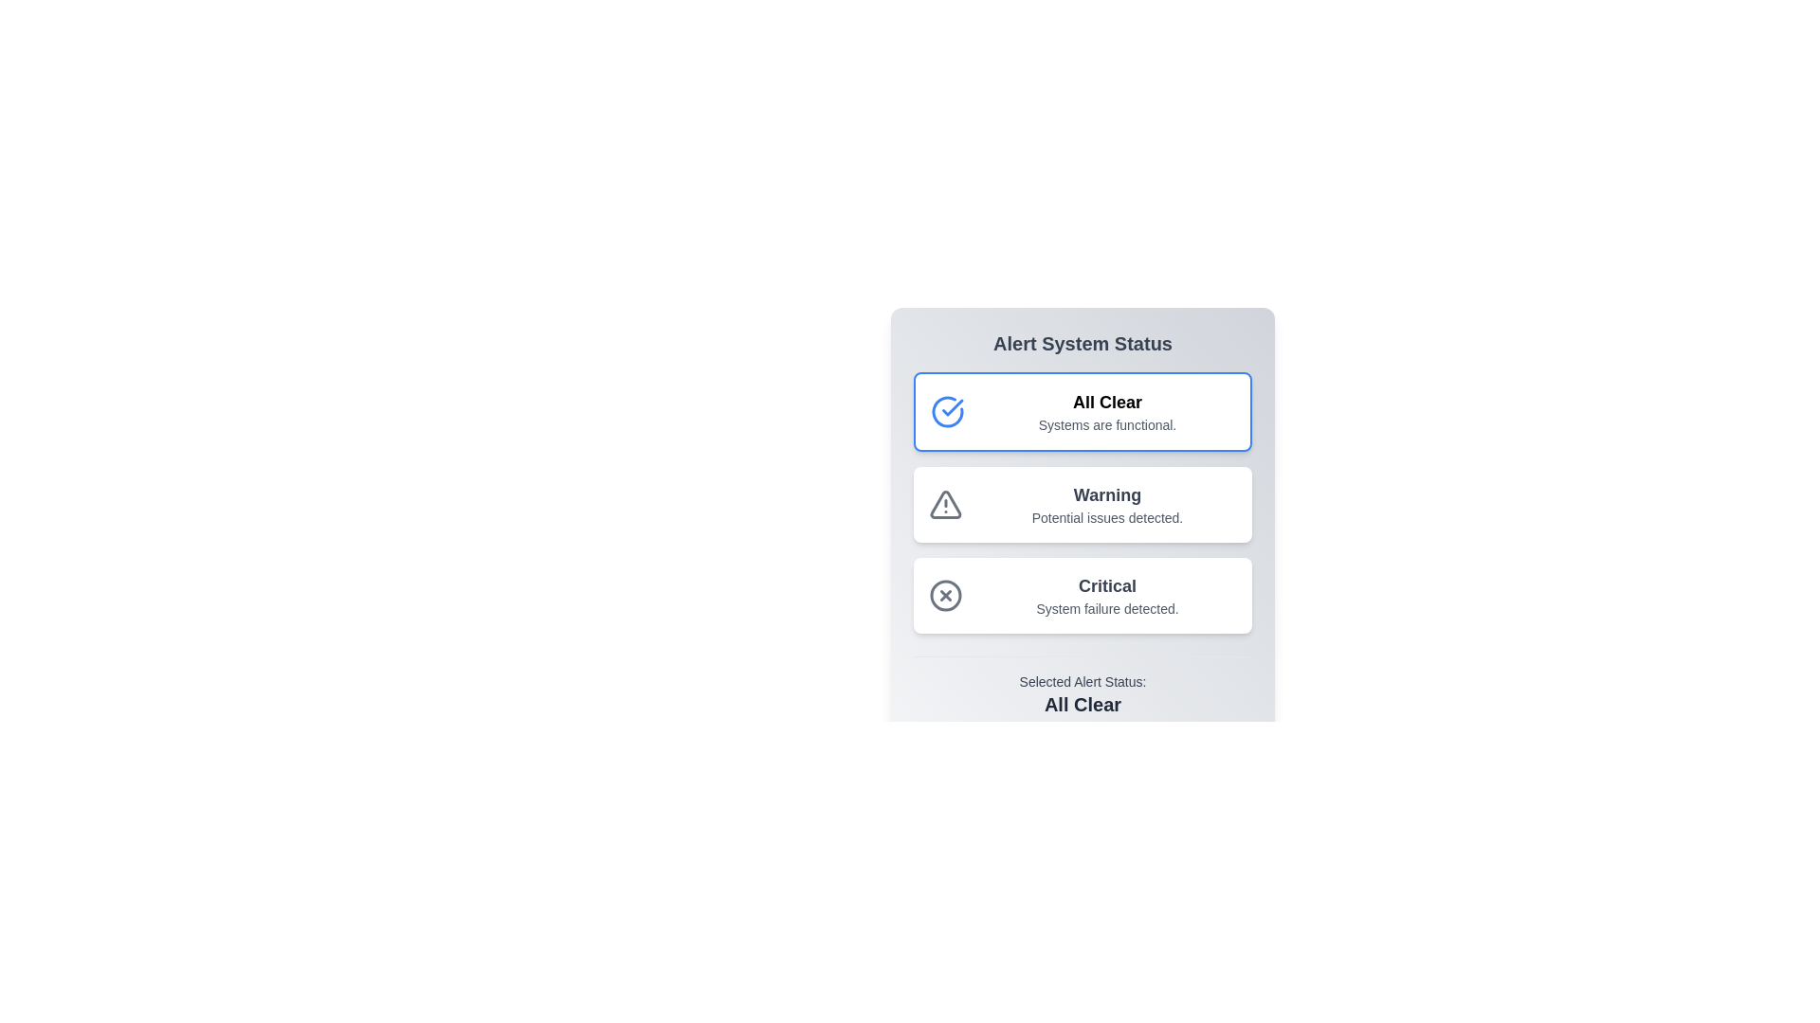  Describe the element at coordinates (1107, 609) in the screenshot. I see `the static text element displaying 'System failure detected.' located beneath the 'Critical' alert block` at that location.